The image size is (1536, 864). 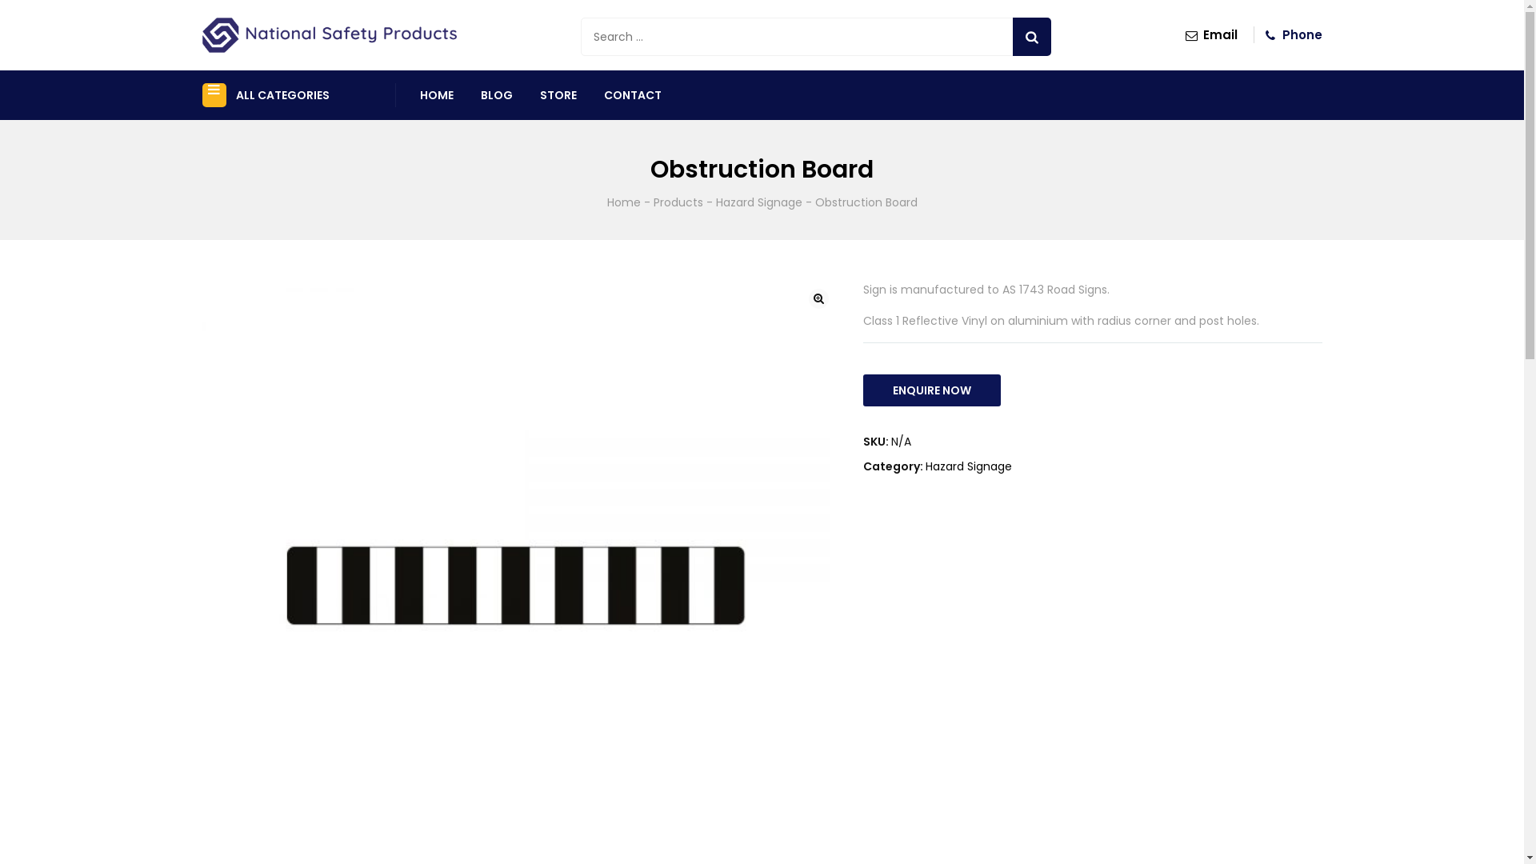 I want to click on 'Hazard Signage', so click(x=966, y=466).